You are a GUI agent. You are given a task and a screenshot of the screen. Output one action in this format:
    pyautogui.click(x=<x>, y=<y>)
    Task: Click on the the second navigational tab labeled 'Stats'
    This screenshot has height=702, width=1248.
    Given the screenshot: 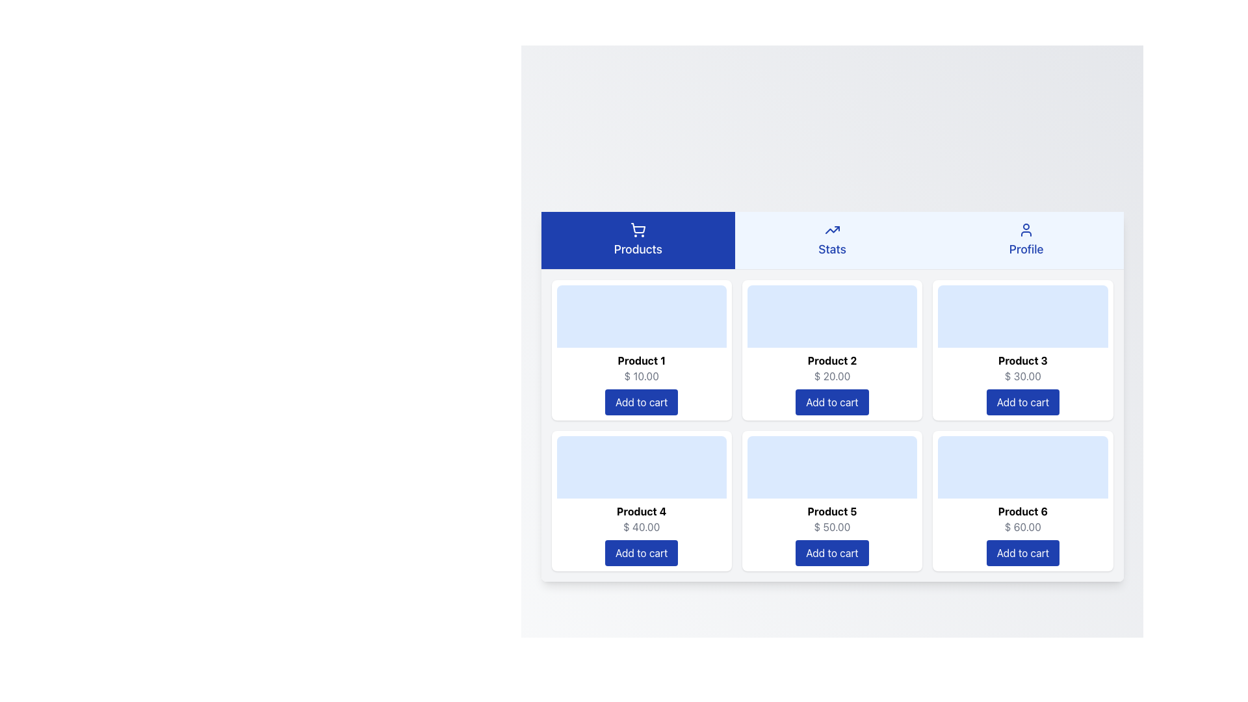 What is the action you would take?
    pyautogui.click(x=832, y=240)
    